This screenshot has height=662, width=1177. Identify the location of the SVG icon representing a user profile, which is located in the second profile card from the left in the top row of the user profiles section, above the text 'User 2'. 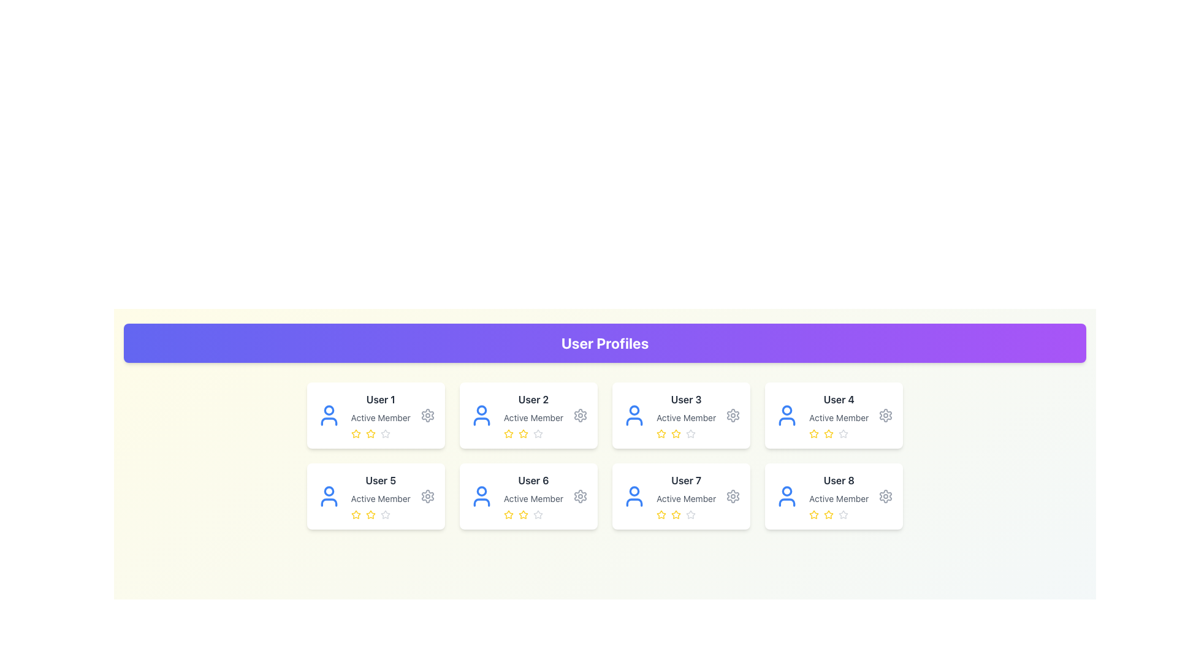
(481, 415).